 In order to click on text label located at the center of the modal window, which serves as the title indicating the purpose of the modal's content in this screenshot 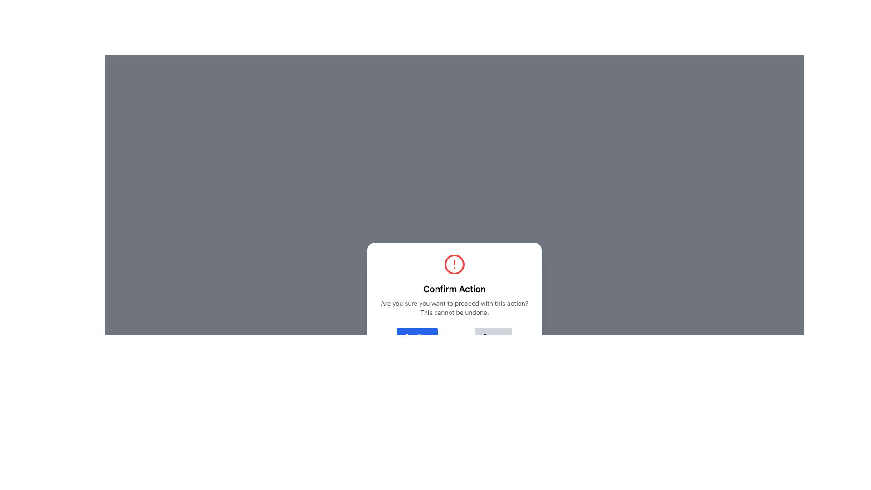, I will do `click(455, 289)`.